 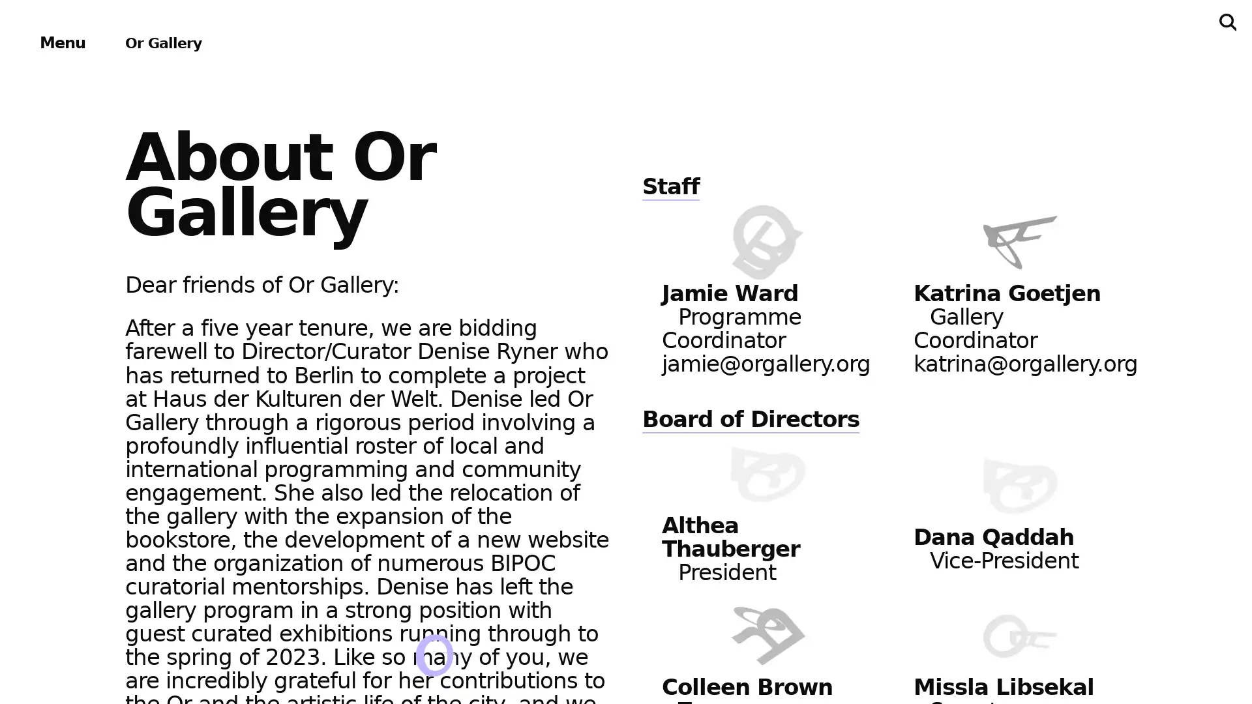 I want to click on Exhibitions & Projects, so click(x=283, y=128).